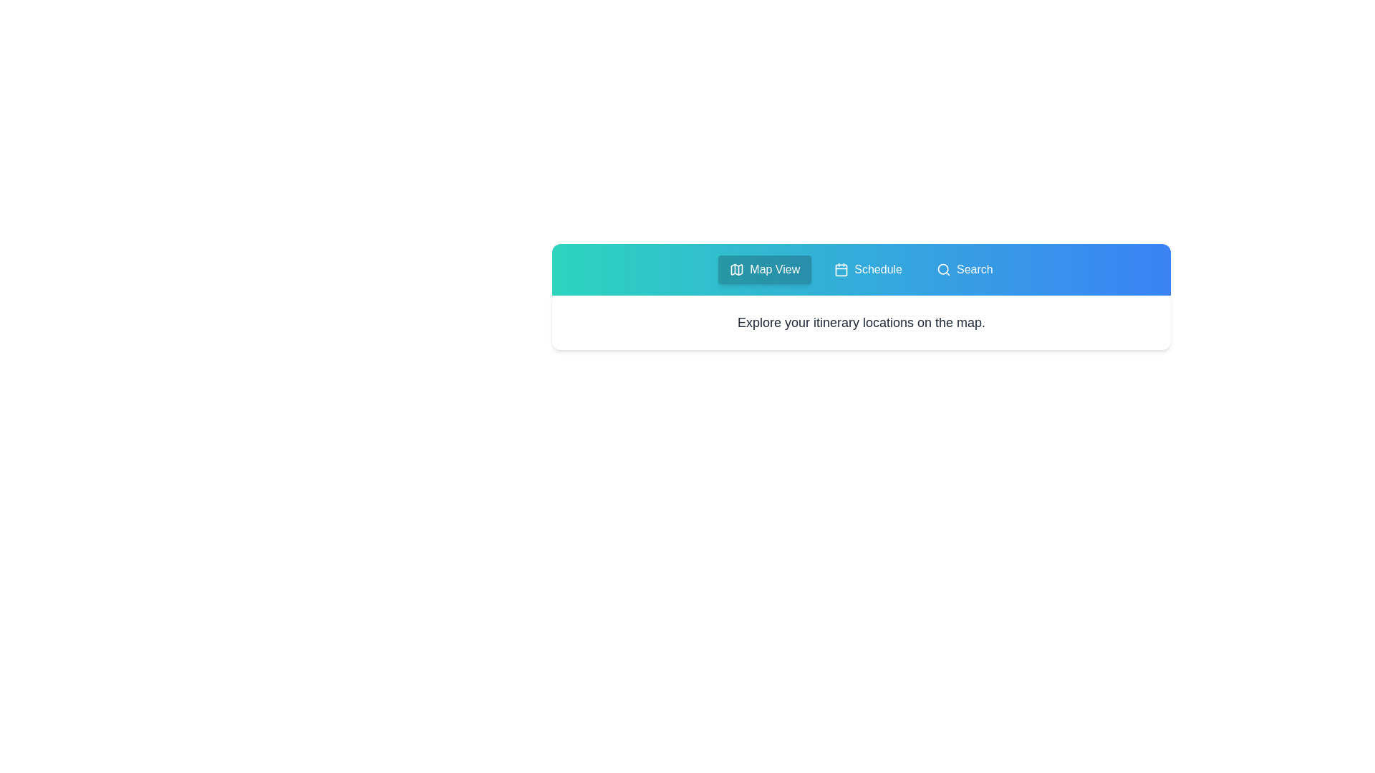 This screenshot has height=773, width=1375. Describe the element at coordinates (861, 296) in the screenshot. I see `the informational text box that contains the message 'Explore your itinerary locations on the map.' located below the blue gradient header with interactive options` at that location.